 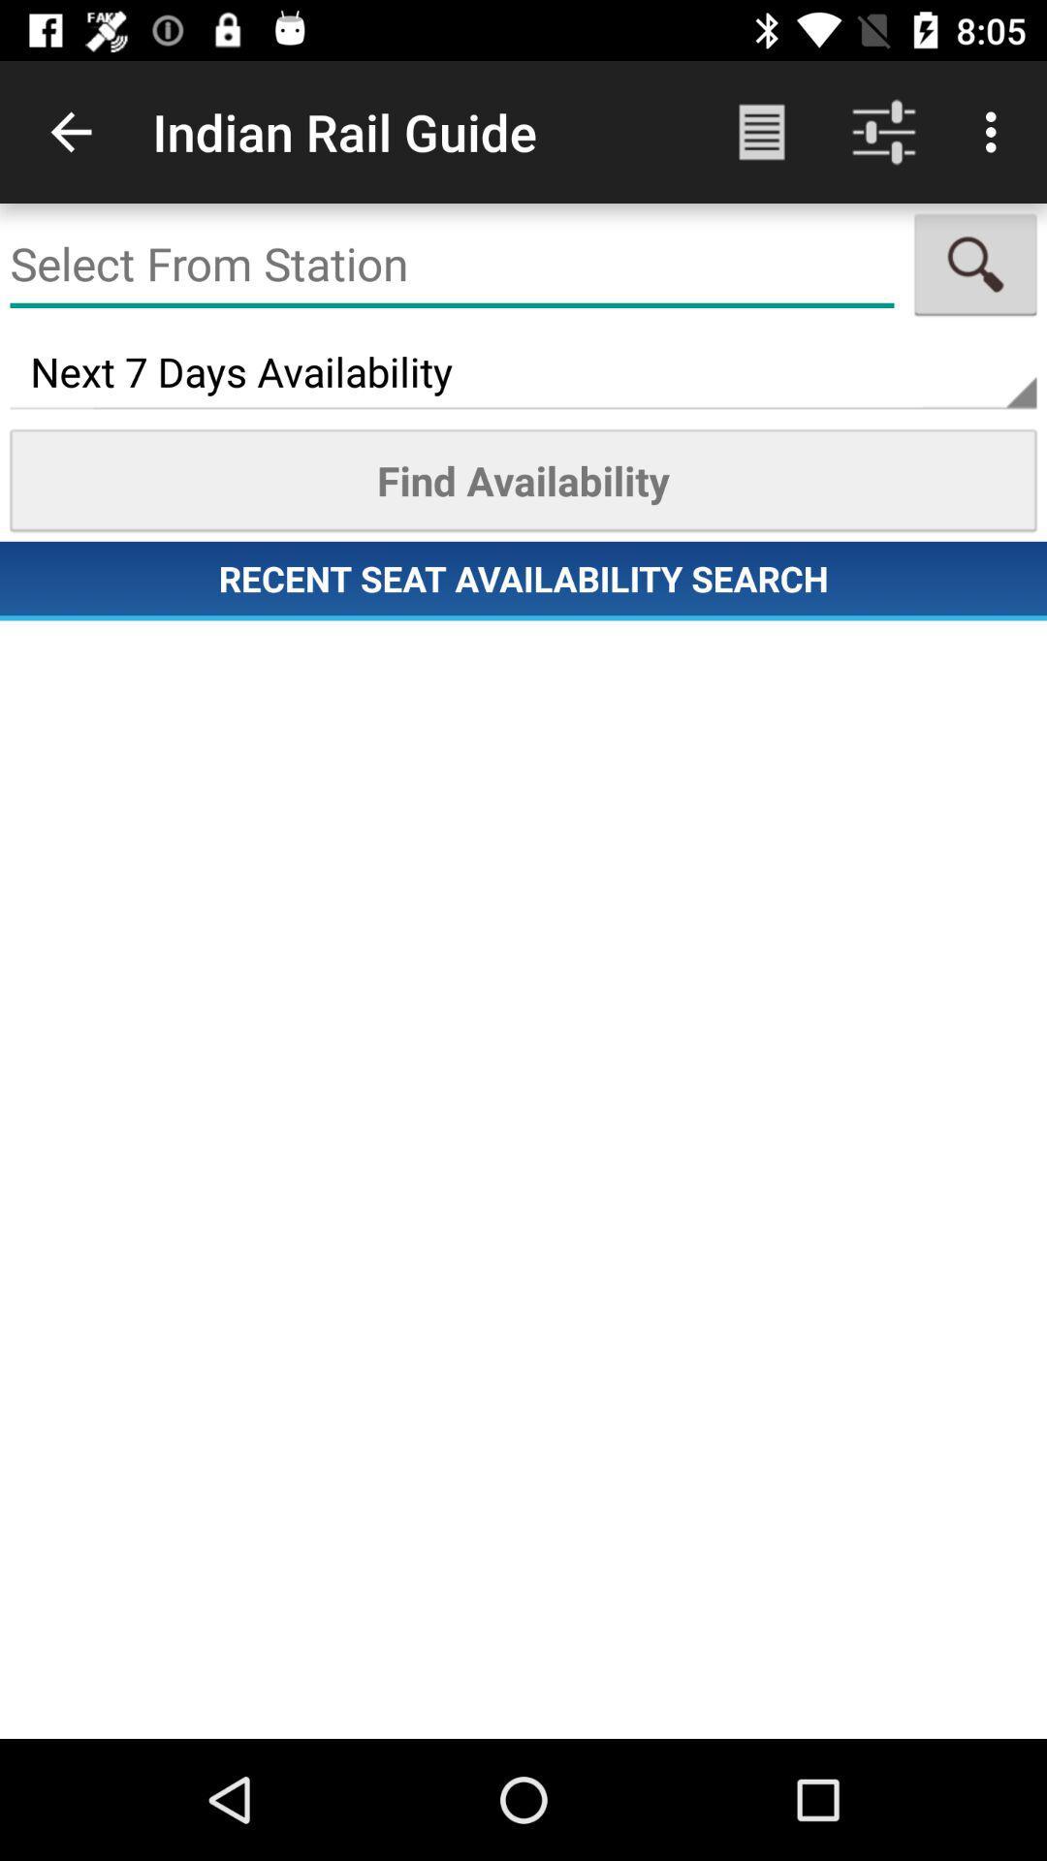 What do you see at coordinates (523, 480) in the screenshot?
I see `the find availability icon` at bounding box center [523, 480].